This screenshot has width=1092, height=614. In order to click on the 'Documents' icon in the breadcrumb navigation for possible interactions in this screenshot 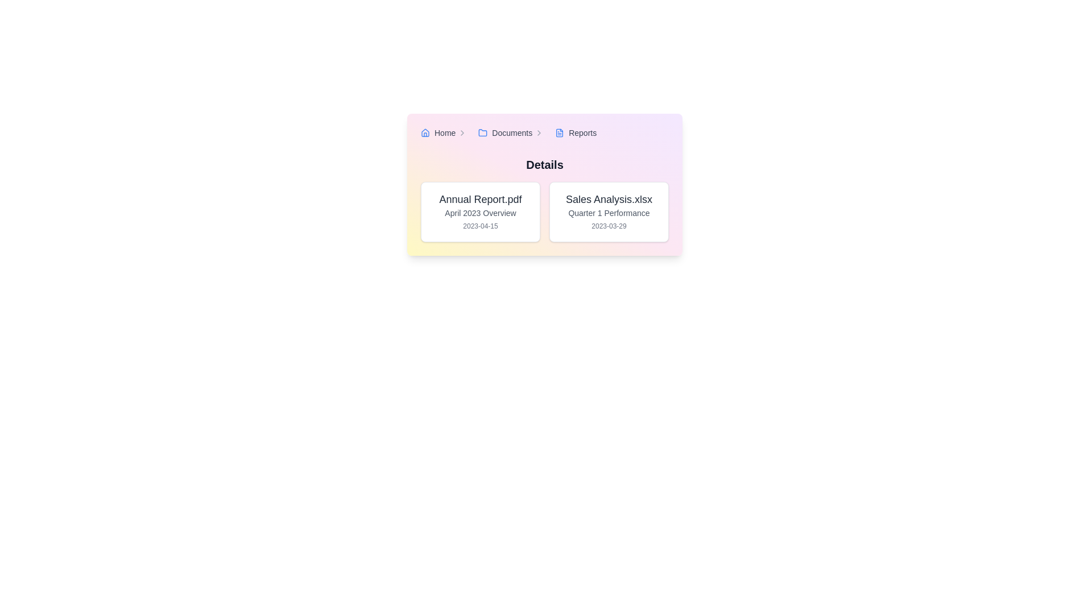, I will do `click(483, 132)`.